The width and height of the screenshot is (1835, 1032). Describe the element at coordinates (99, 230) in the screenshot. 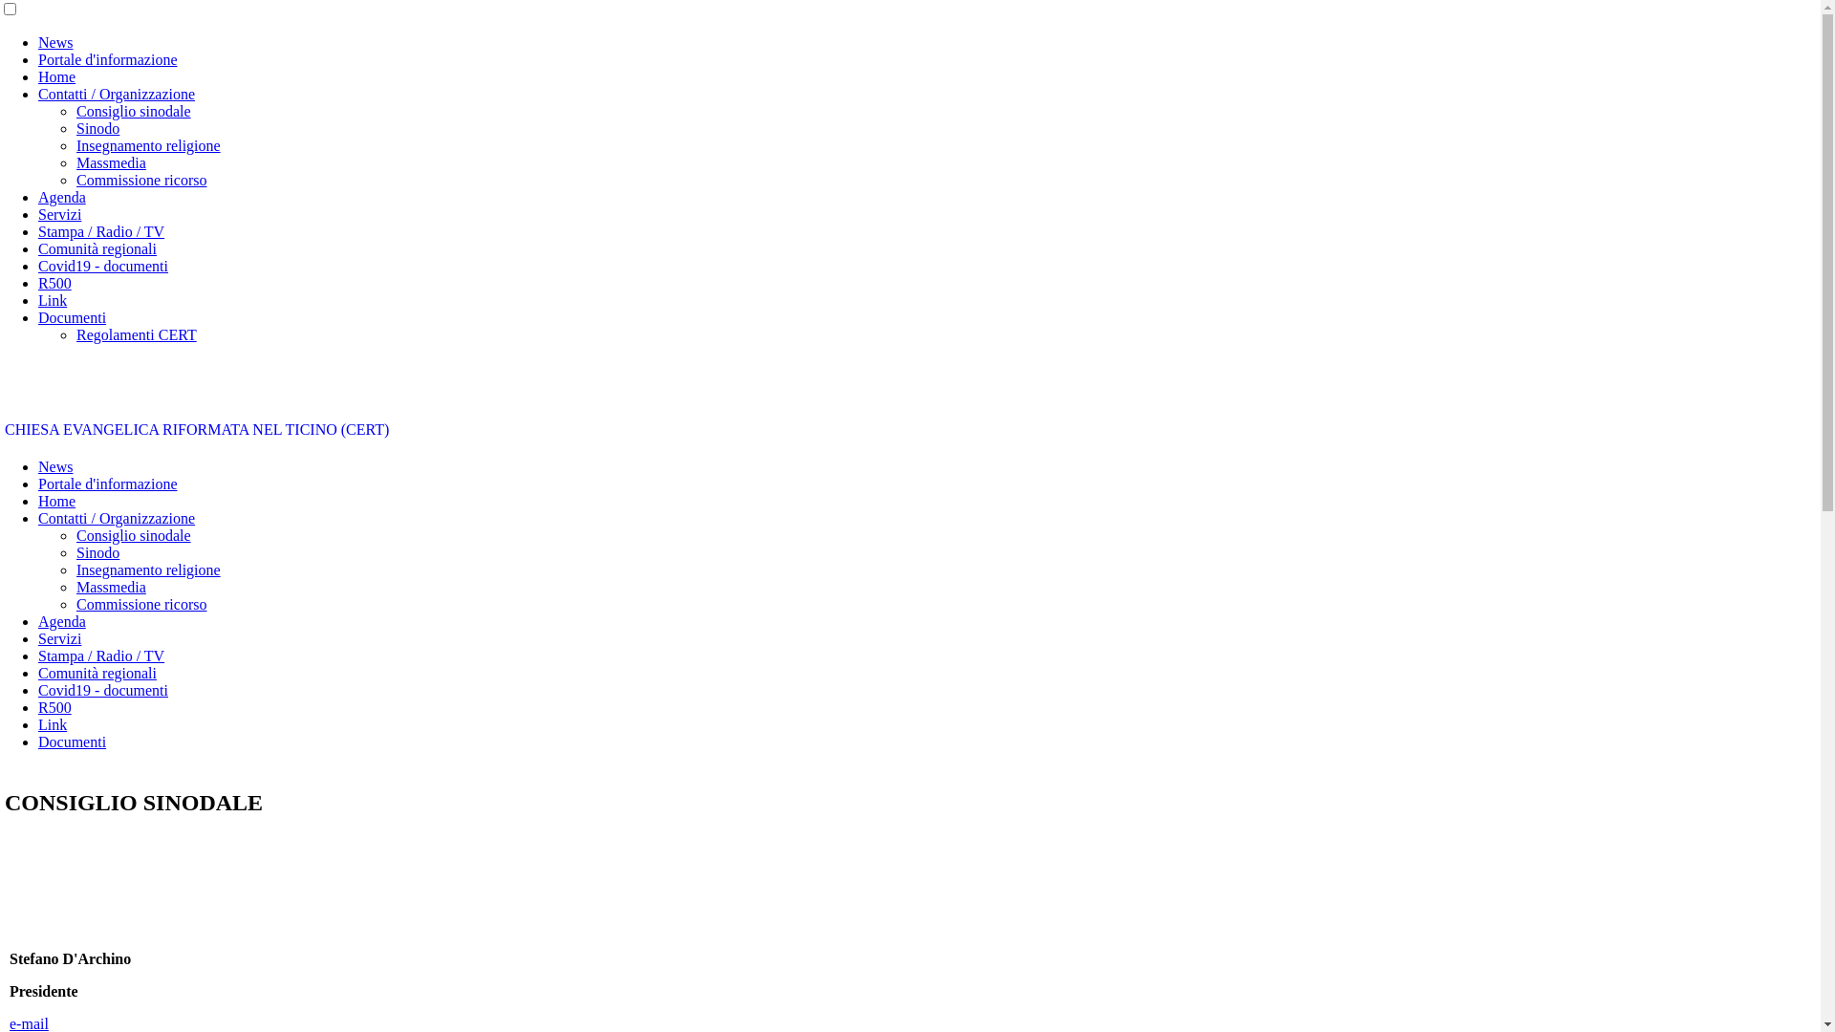

I see `'Stampa / Radio / TV'` at that location.